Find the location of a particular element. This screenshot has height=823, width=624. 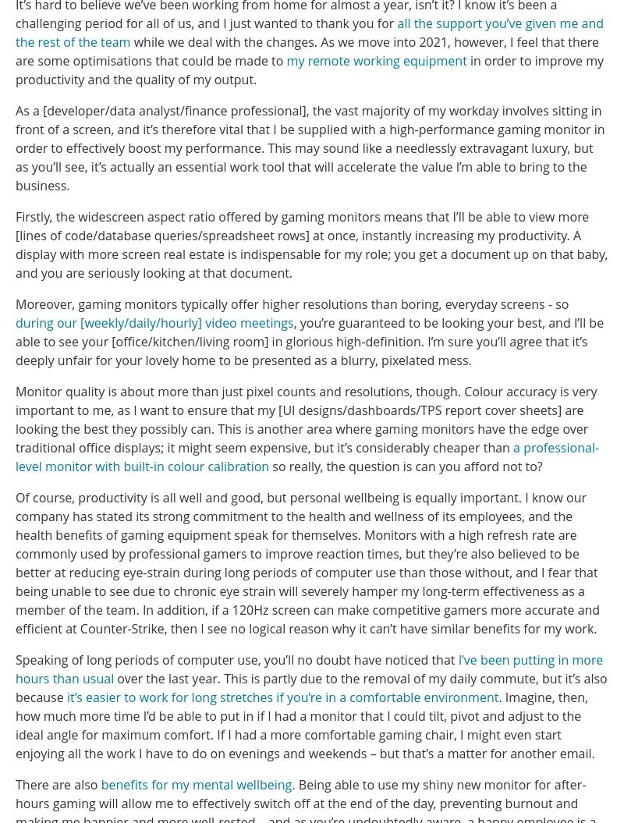

'a professional-level monitor with built-in colour calibration' is located at coordinates (16, 455).